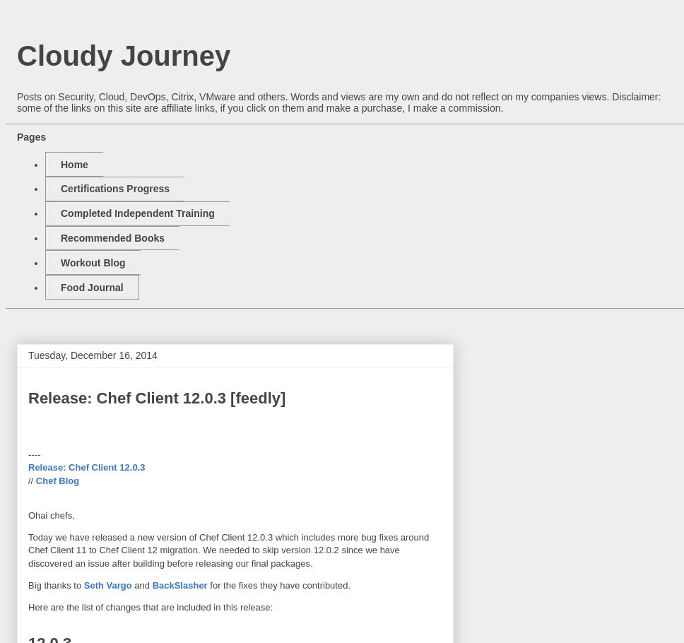 The height and width of the screenshot is (643, 684). What do you see at coordinates (33, 454) in the screenshot?
I see `'----'` at bounding box center [33, 454].